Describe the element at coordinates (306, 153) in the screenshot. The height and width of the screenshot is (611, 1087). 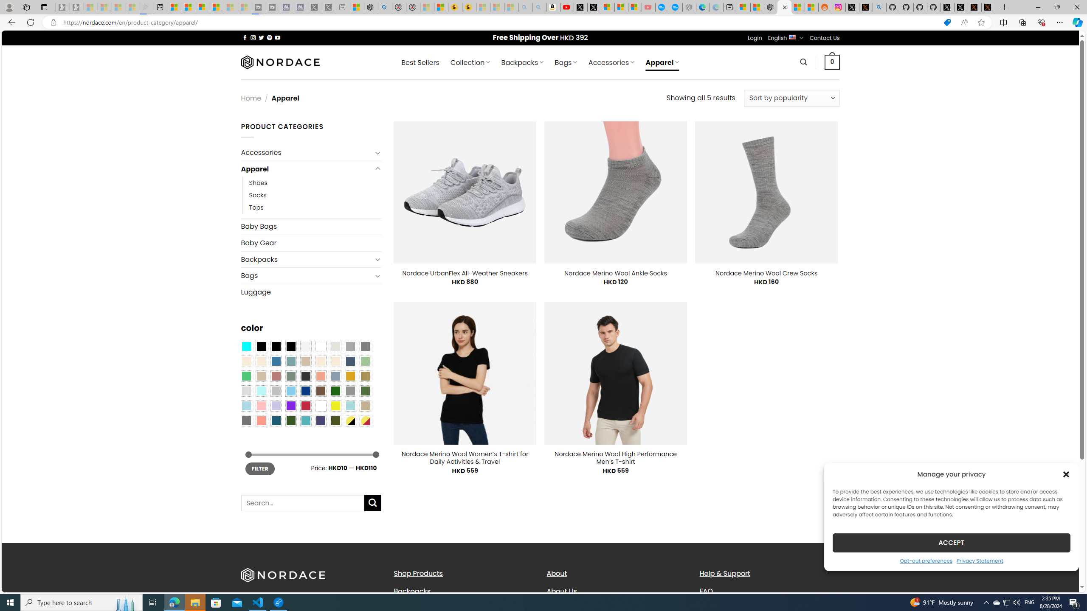
I see `'Accessories'` at that location.